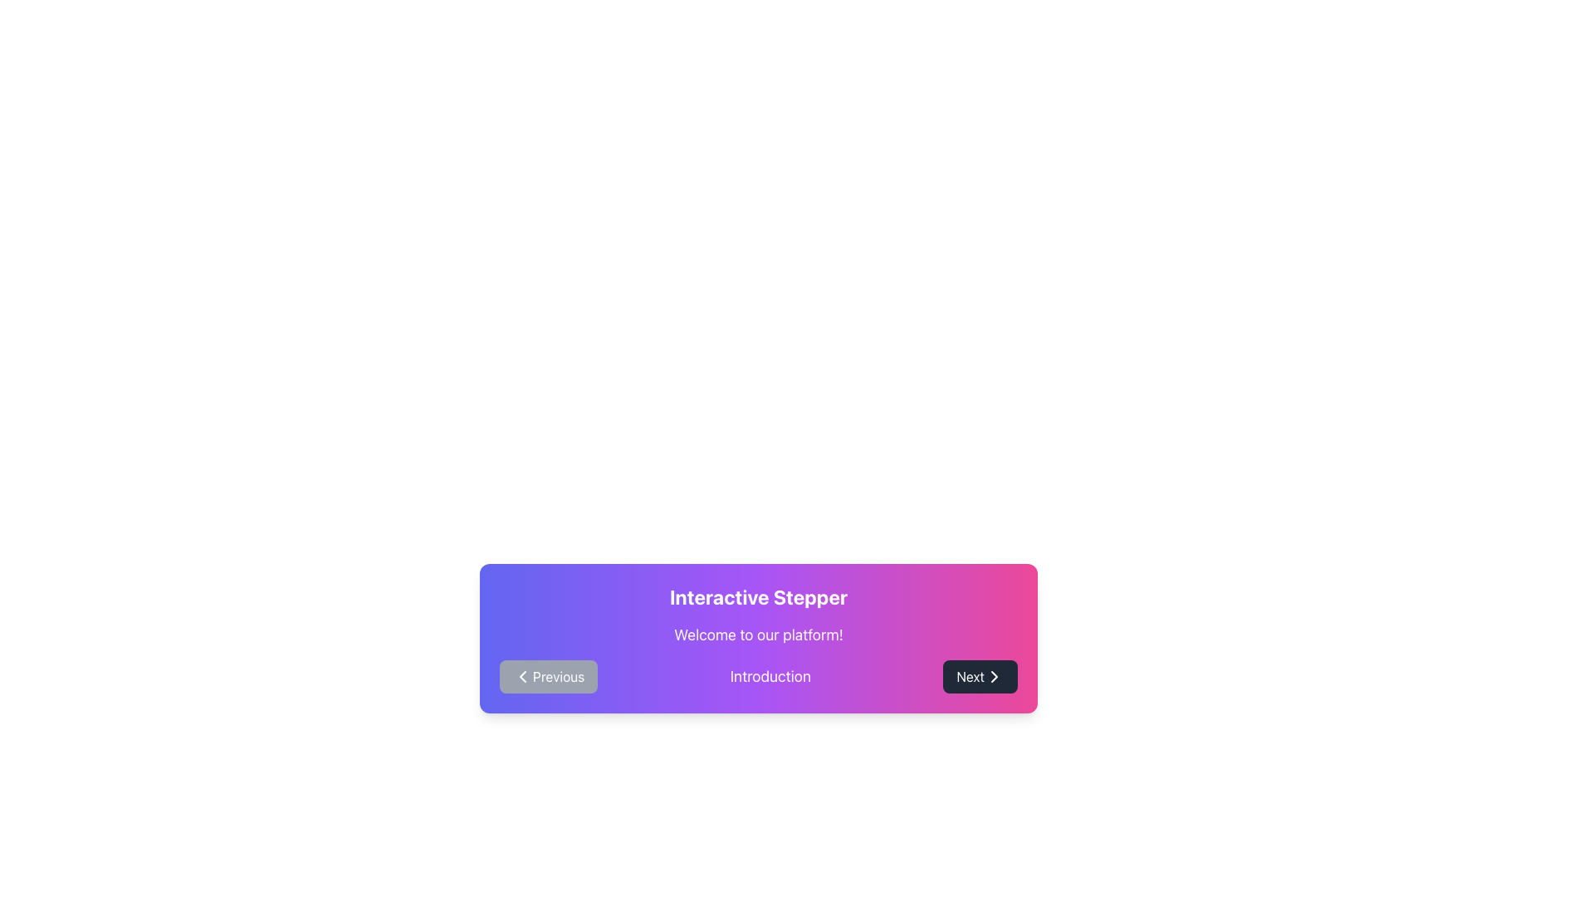 This screenshot has width=1594, height=897. I want to click on the 'Previous' button with a gray background and chevron icon, so click(549, 676).